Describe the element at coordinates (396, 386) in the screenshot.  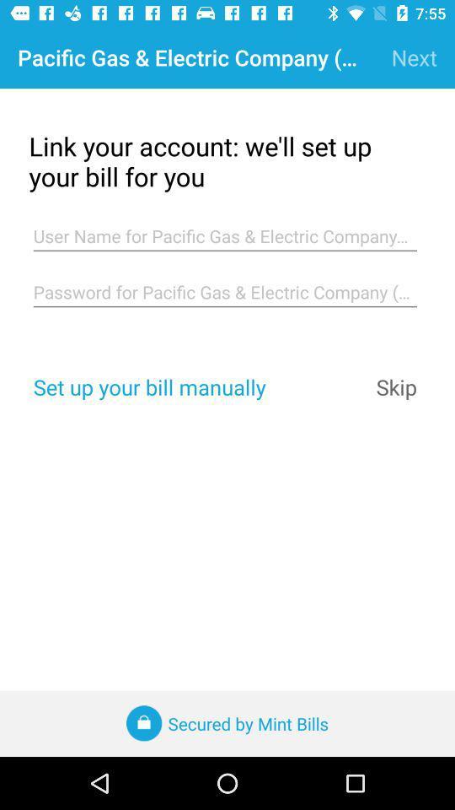
I see `icon on the right` at that location.